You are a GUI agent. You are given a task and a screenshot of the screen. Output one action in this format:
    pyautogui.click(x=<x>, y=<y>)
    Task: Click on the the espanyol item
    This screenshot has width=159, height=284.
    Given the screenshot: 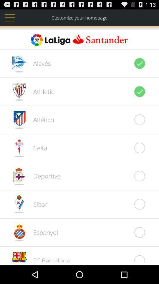 What is the action you would take?
    pyautogui.click(x=42, y=232)
    